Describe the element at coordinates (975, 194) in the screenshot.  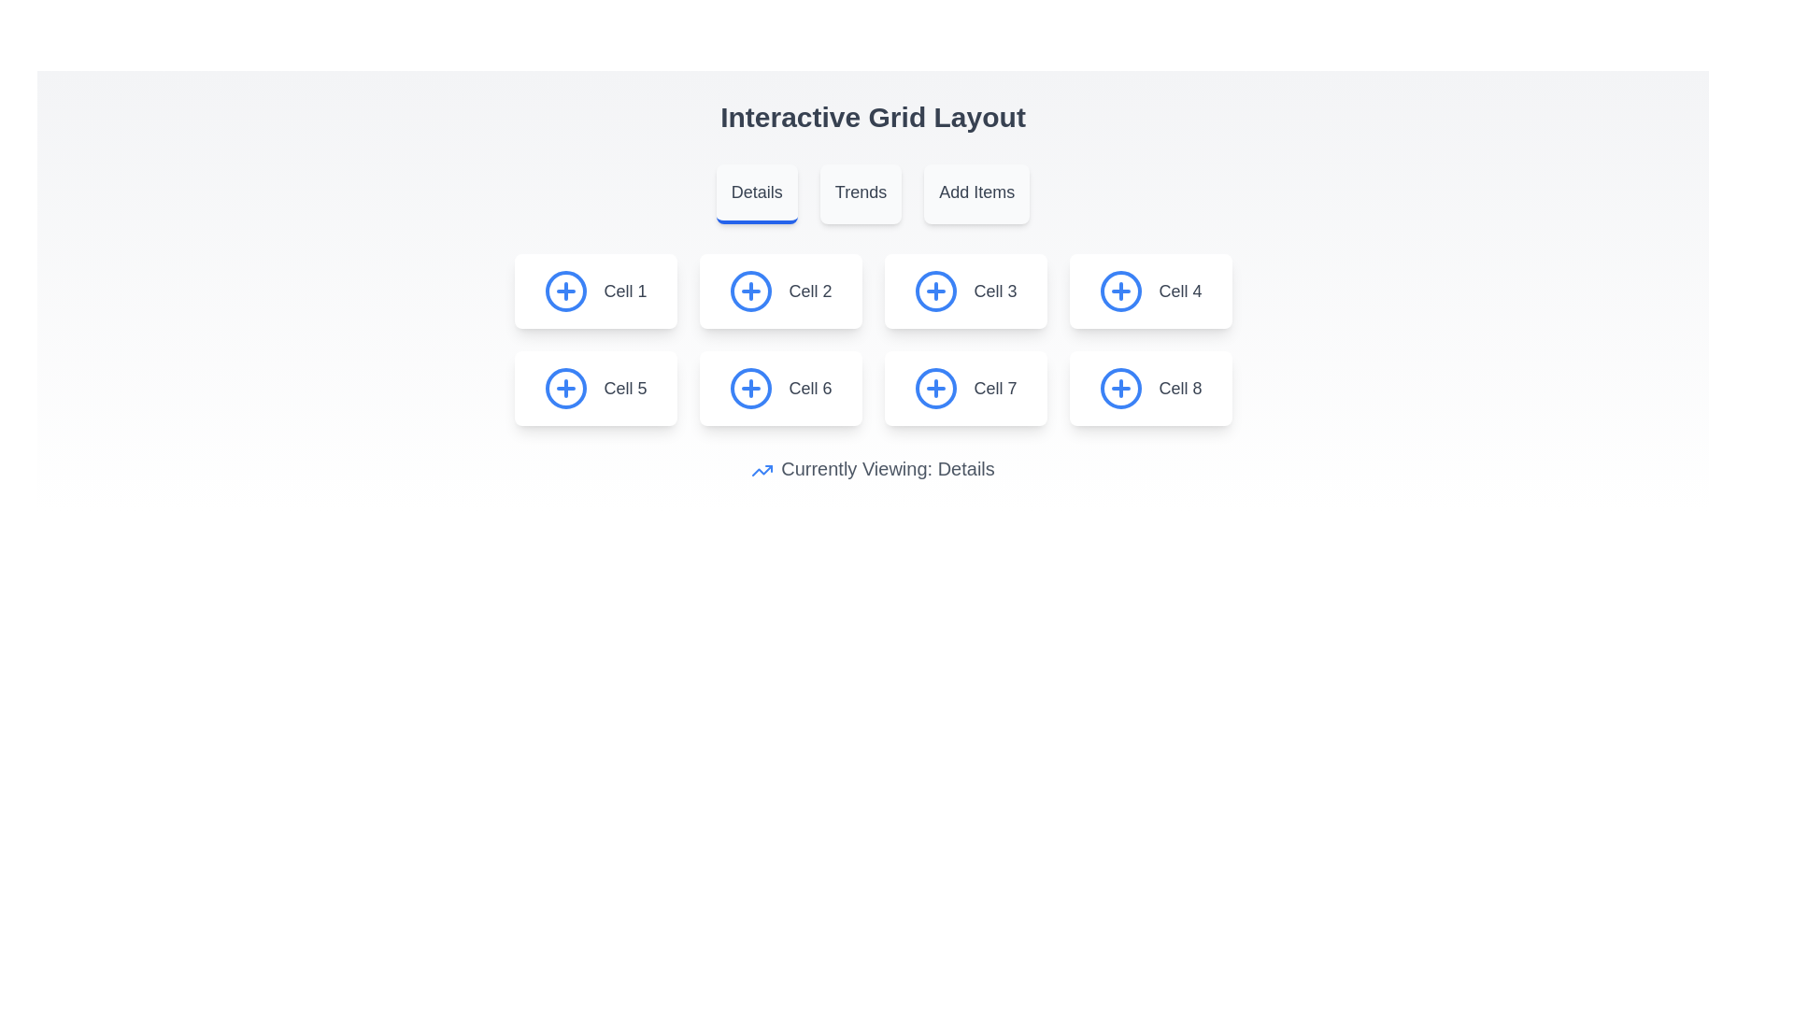
I see `the third button in the horizontal series beneath the 'Interactive Grid Layout' heading` at that location.